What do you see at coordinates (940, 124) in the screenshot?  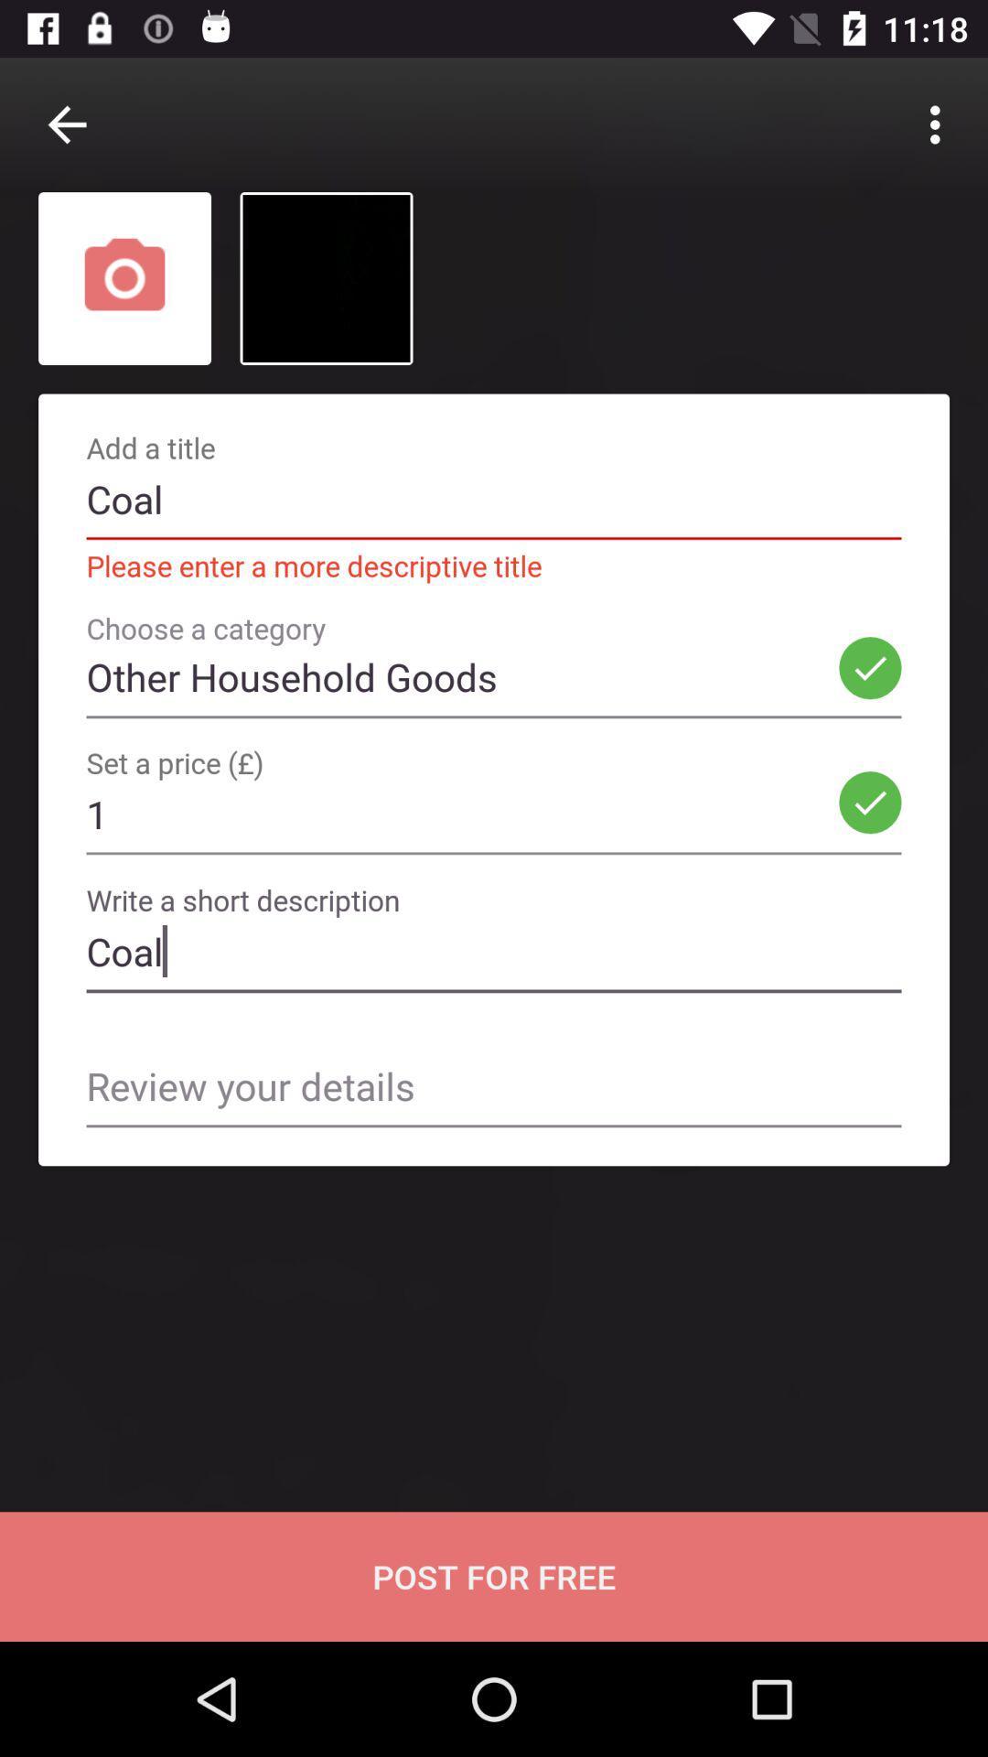 I see `the 3 vertical dots at the top right corner of the page` at bounding box center [940, 124].